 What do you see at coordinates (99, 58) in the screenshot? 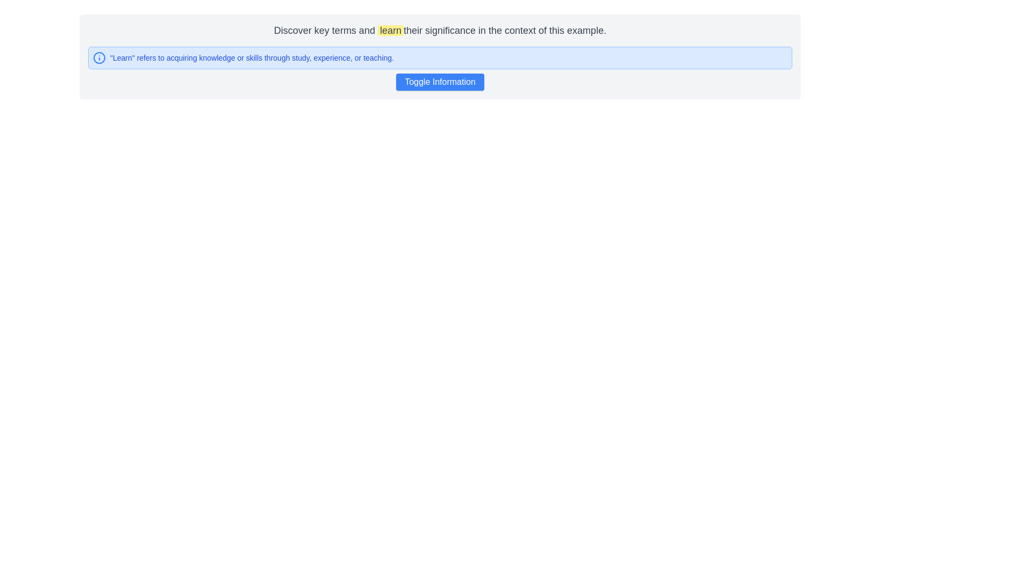
I see `the blue circular icon with a smaller circular border, which is part of a graphical representation and located slightly towards the top right of the UI, adjacent to the definition text` at bounding box center [99, 58].